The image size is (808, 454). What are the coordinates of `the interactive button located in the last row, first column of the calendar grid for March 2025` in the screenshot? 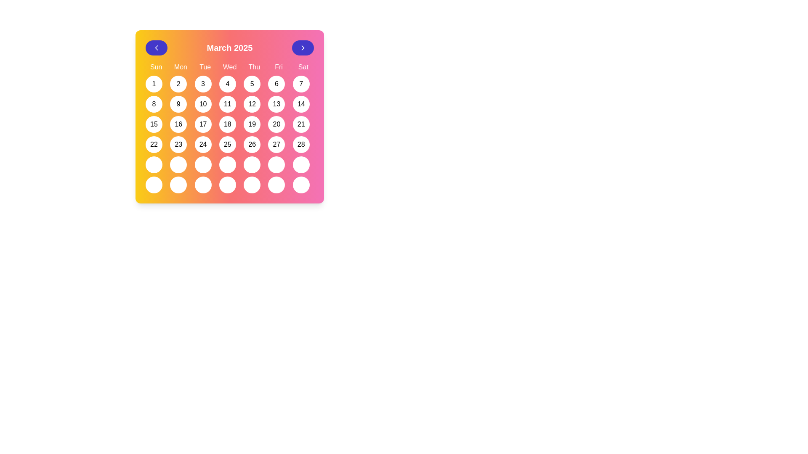 It's located at (154, 165).